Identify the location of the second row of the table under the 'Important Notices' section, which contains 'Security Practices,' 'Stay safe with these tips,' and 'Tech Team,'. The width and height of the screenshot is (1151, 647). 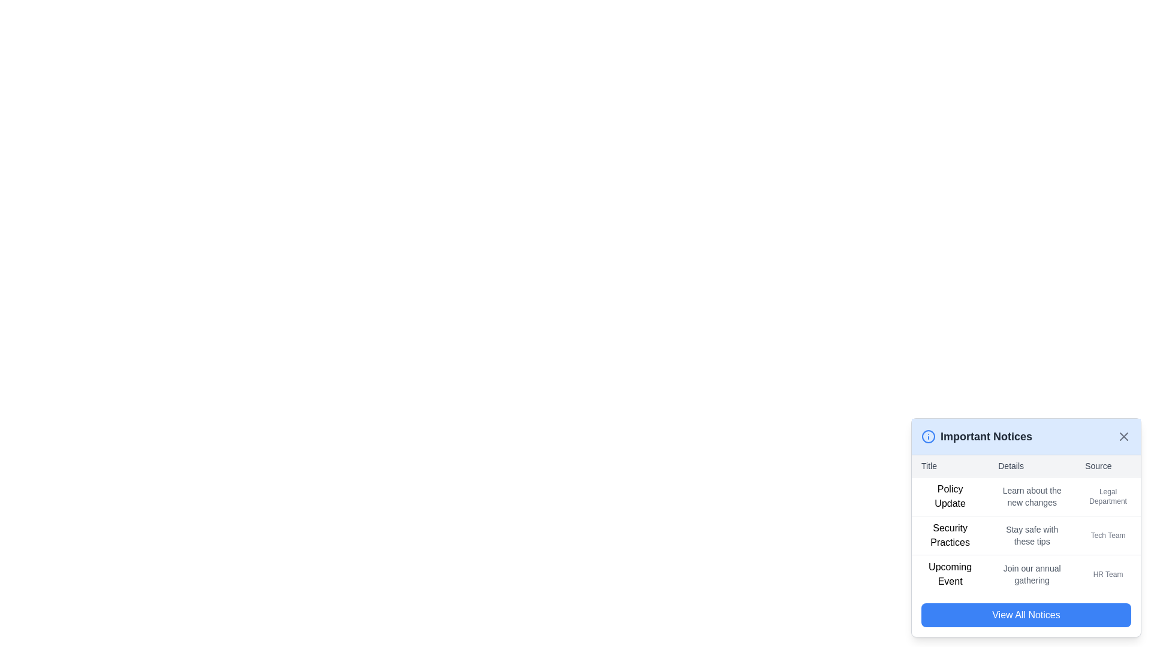
(1026, 524).